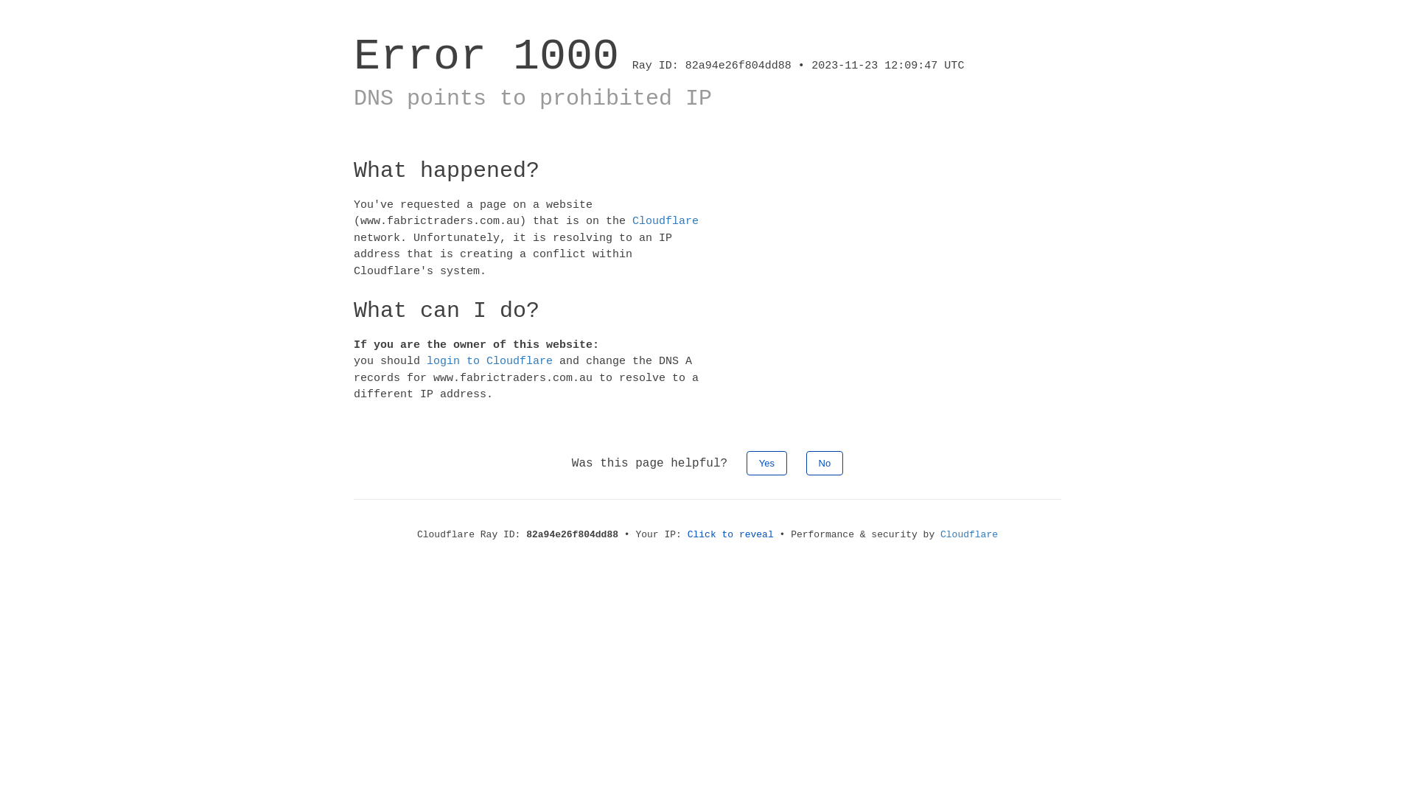 This screenshot has width=1415, height=796. What do you see at coordinates (489, 361) in the screenshot?
I see `'login to Cloudflare'` at bounding box center [489, 361].